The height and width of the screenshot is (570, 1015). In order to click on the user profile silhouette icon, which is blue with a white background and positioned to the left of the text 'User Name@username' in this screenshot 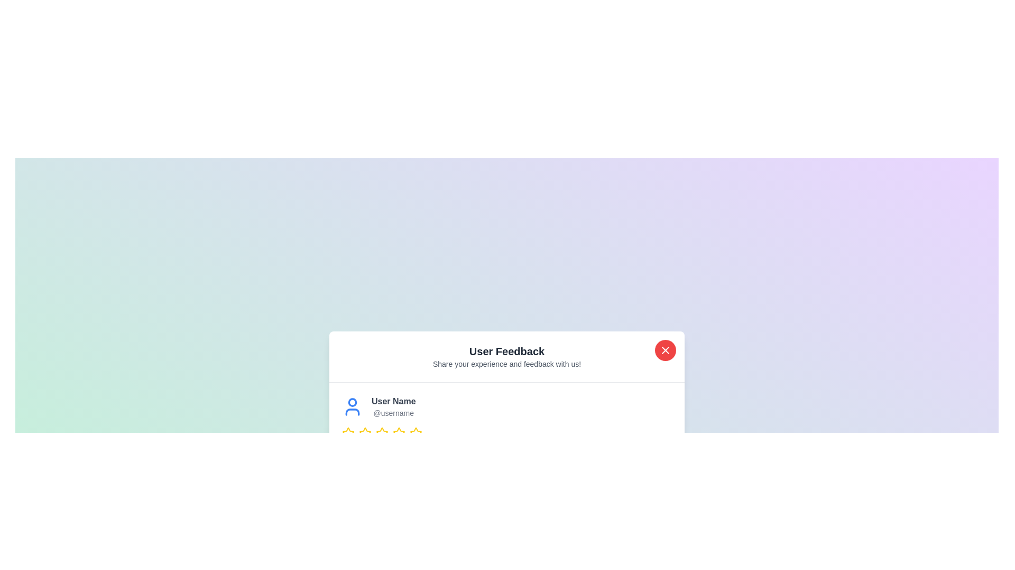, I will do `click(353, 406)`.